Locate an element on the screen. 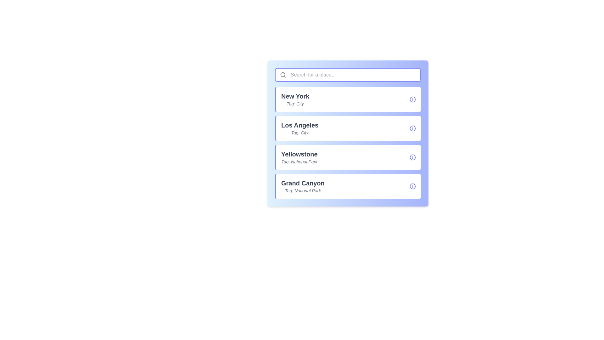 This screenshot has width=604, height=340. the descriptive text label displaying 'Tag: City', which is positioned below the 'Los Angeles' label in the list item is located at coordinates (299, 132).